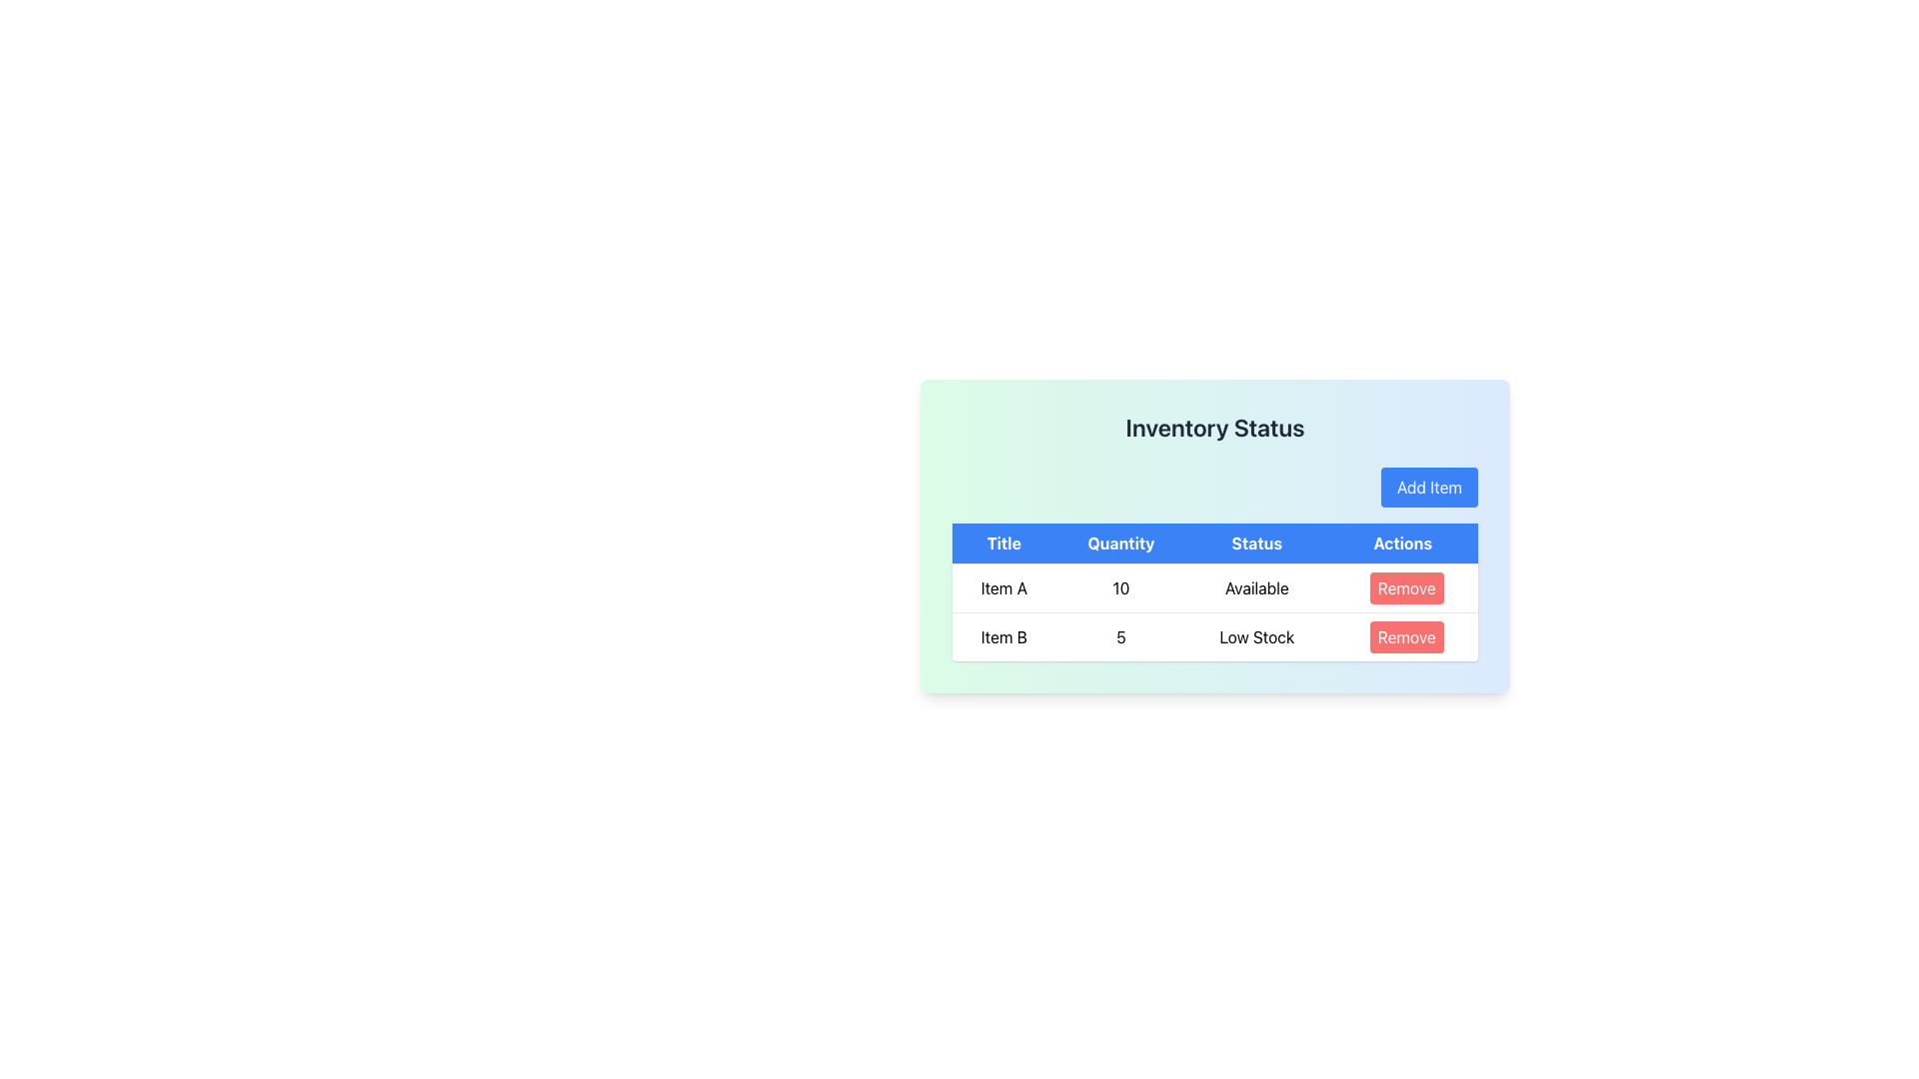 Image resolution: width=1919 pixels, height=1079 pixels. I want to click on the Static text element displaying the quantity of 'Item A' in the inventory list, located in the second column of the first row of the 'Inventory Status' table, so click(1120, 587).